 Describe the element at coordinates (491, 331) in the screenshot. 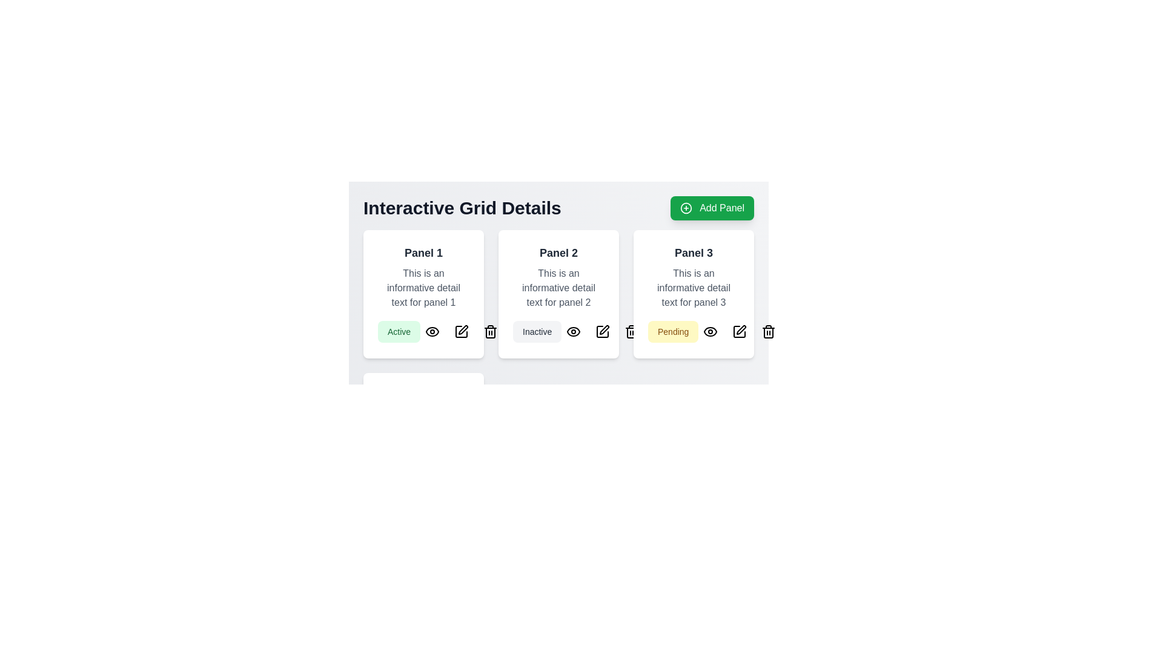

I see `the delete icon button located at the bottom-right side of 'Panel 2'` at that location.